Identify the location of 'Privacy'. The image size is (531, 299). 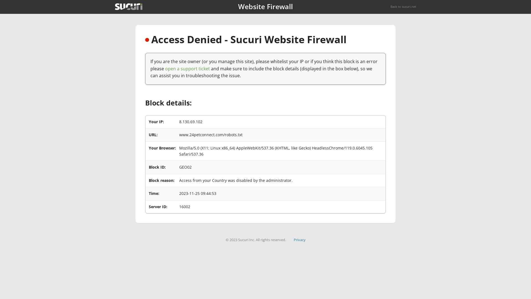
(299, 239).